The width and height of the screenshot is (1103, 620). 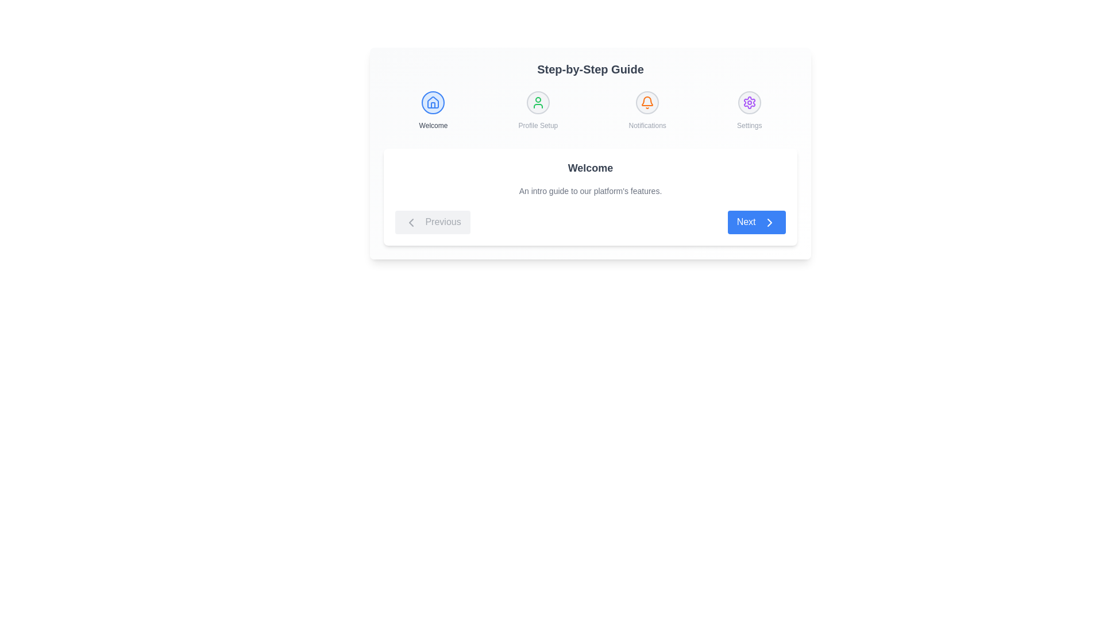 I want to click on the navigation button located at the bottom right of the navigation bar, so click(x=757, y=222).